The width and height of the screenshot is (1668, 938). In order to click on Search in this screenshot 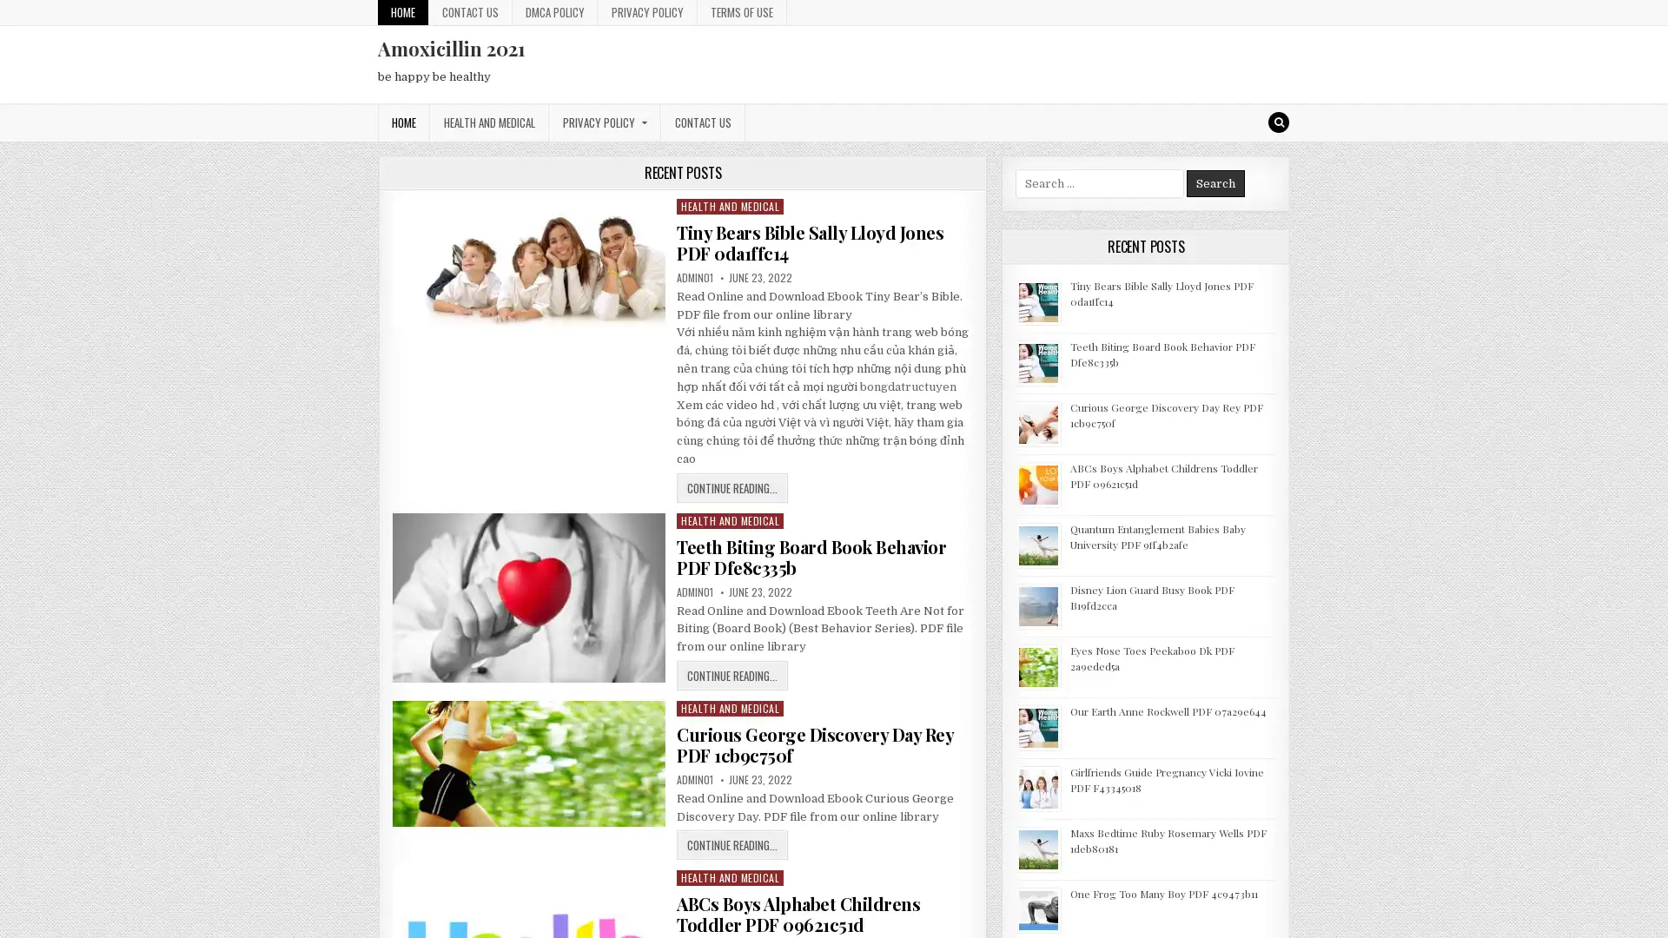, I will do `click(1215, 183)`.